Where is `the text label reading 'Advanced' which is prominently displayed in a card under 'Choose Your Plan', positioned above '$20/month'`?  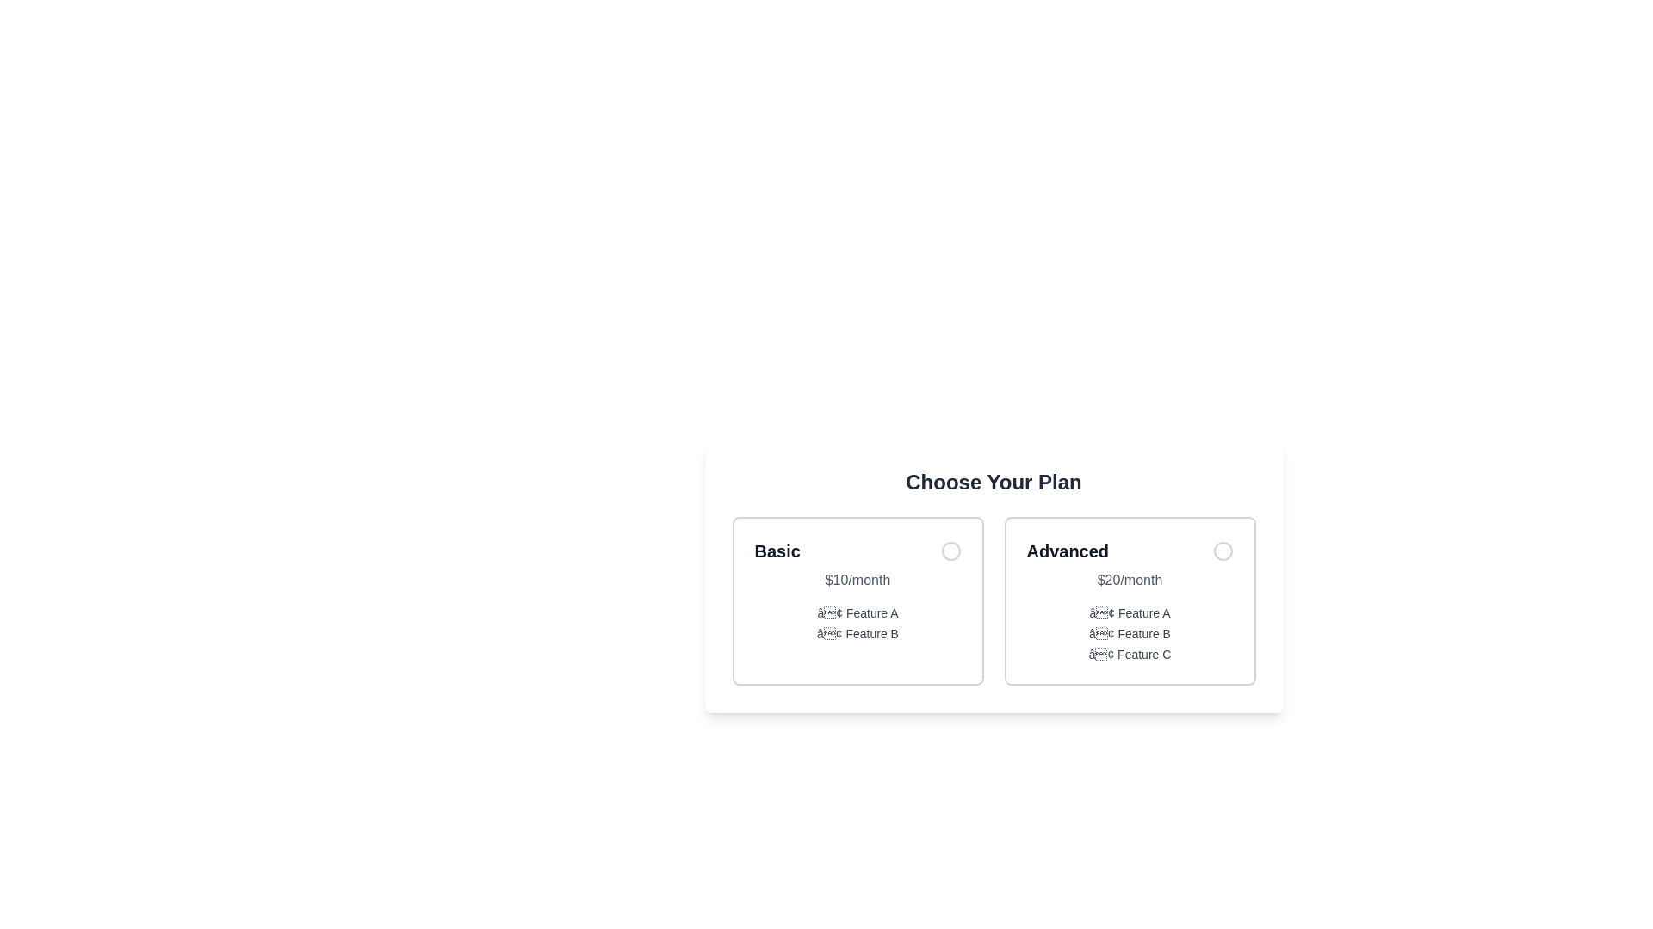
the text label reading 'Advanced' which is prominently displayed in a card under 'Choose Your Plan', positioned above '$20/month' is located at coordinates (1067, 551).